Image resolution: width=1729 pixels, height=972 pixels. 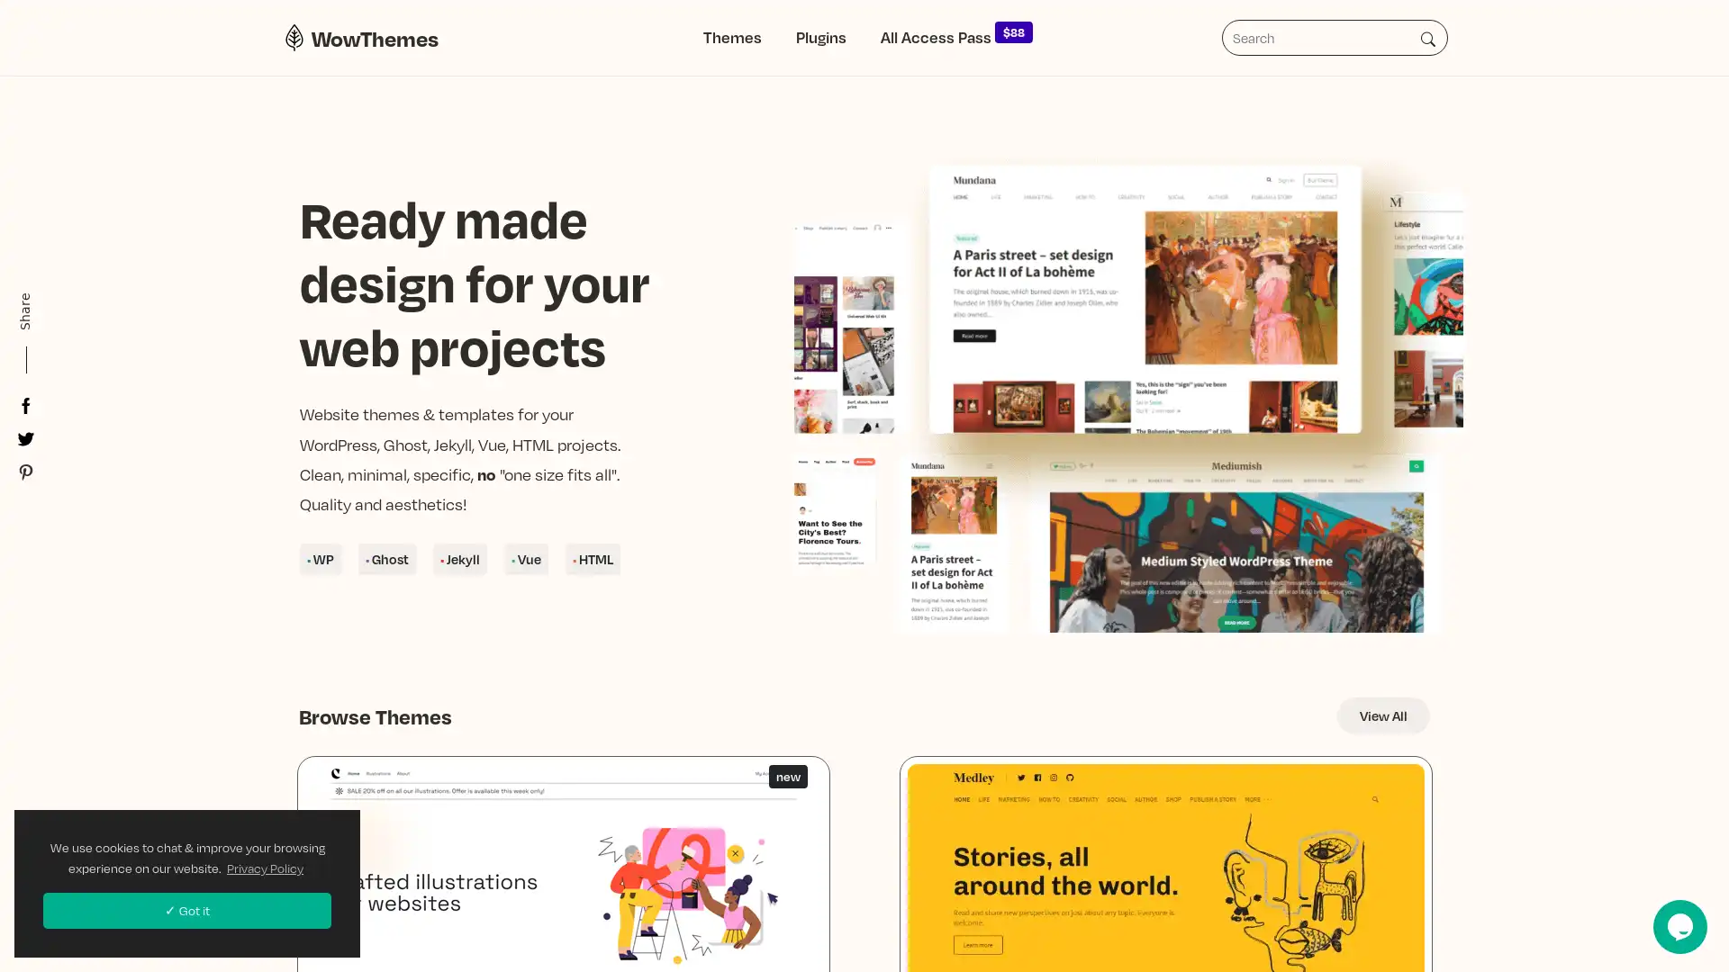 What do you see at coordinates (264, 867) in the screenshot?
I see `learn more about cookies` at bounding box center [264, 867].